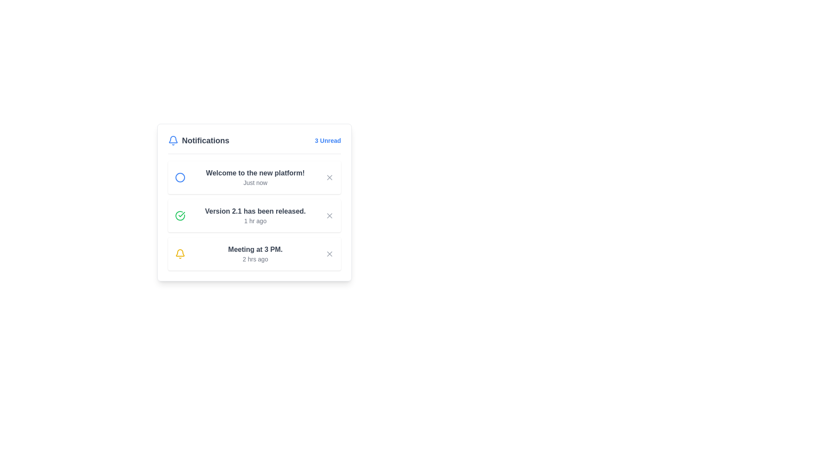 This screenshot has width=834, height=469. What do you see at coordinates (329, 215) in the screenshot?
I see `the close button (X icon) in the notification panel for the notification titled 'Version 2.1 has been released'` at bounding box center [329, 215].